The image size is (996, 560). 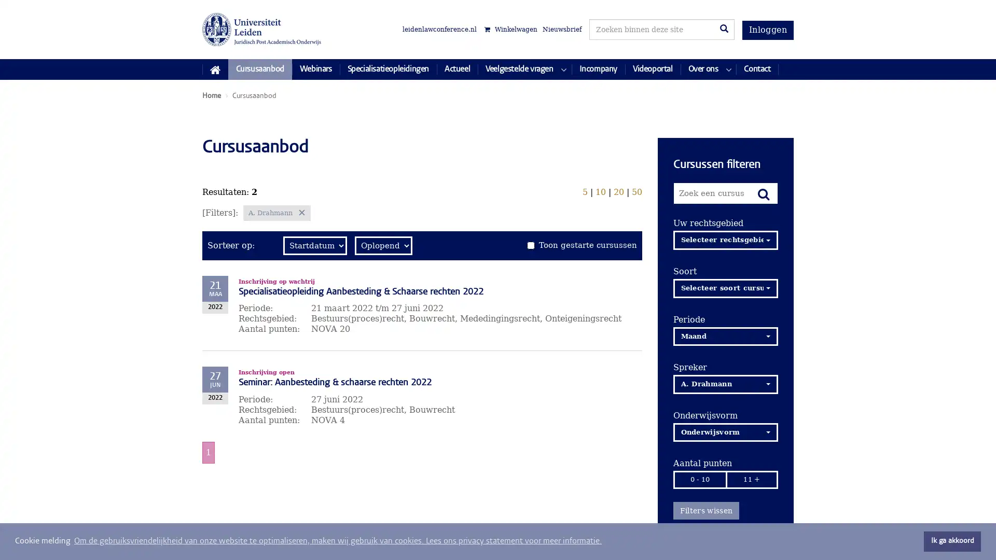 What do you see at coordinates (725, 432) in the screenshot?
I see `Onderwijsvorm` at bounding box center [725, 432].